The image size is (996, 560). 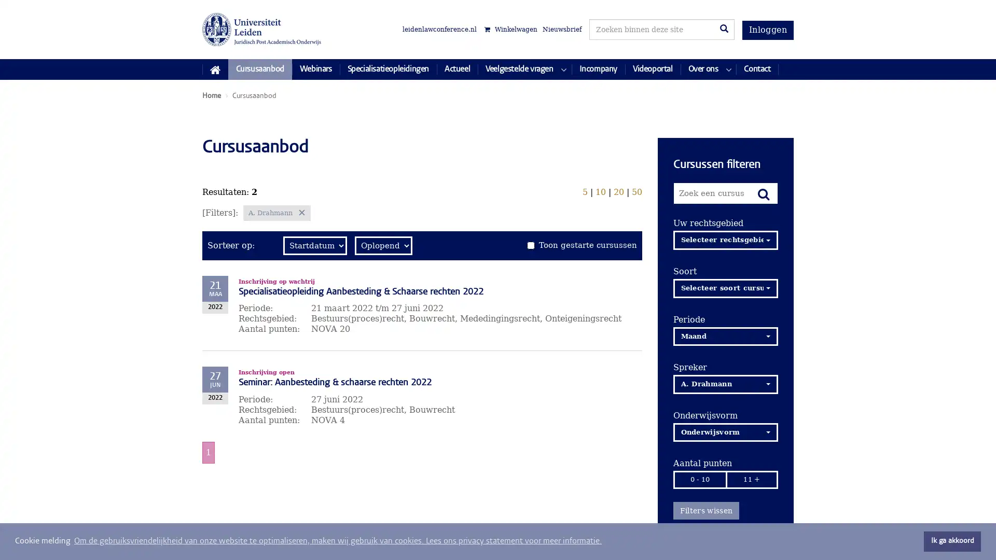 What do you see at coordinates (725, 432) in the screenshot?
I see `Onderwijsvorm` at bounding box center [725, 432].